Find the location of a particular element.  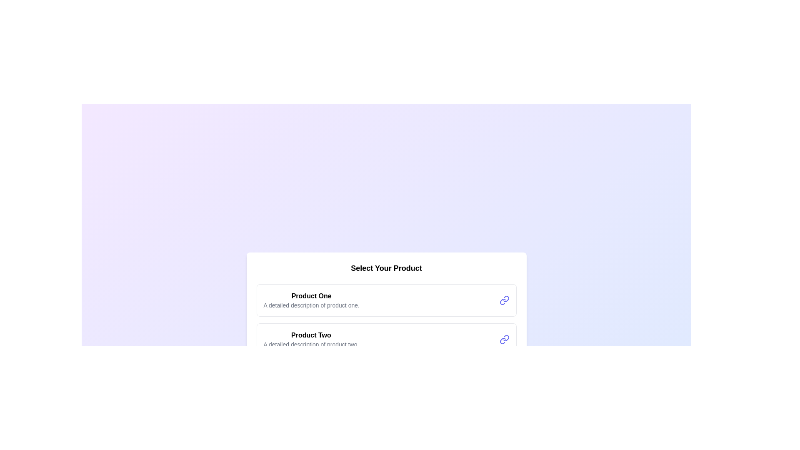

text label 'Product One' which is positioned at the top of a white card, above the description text is located at coordinates (311, 295).